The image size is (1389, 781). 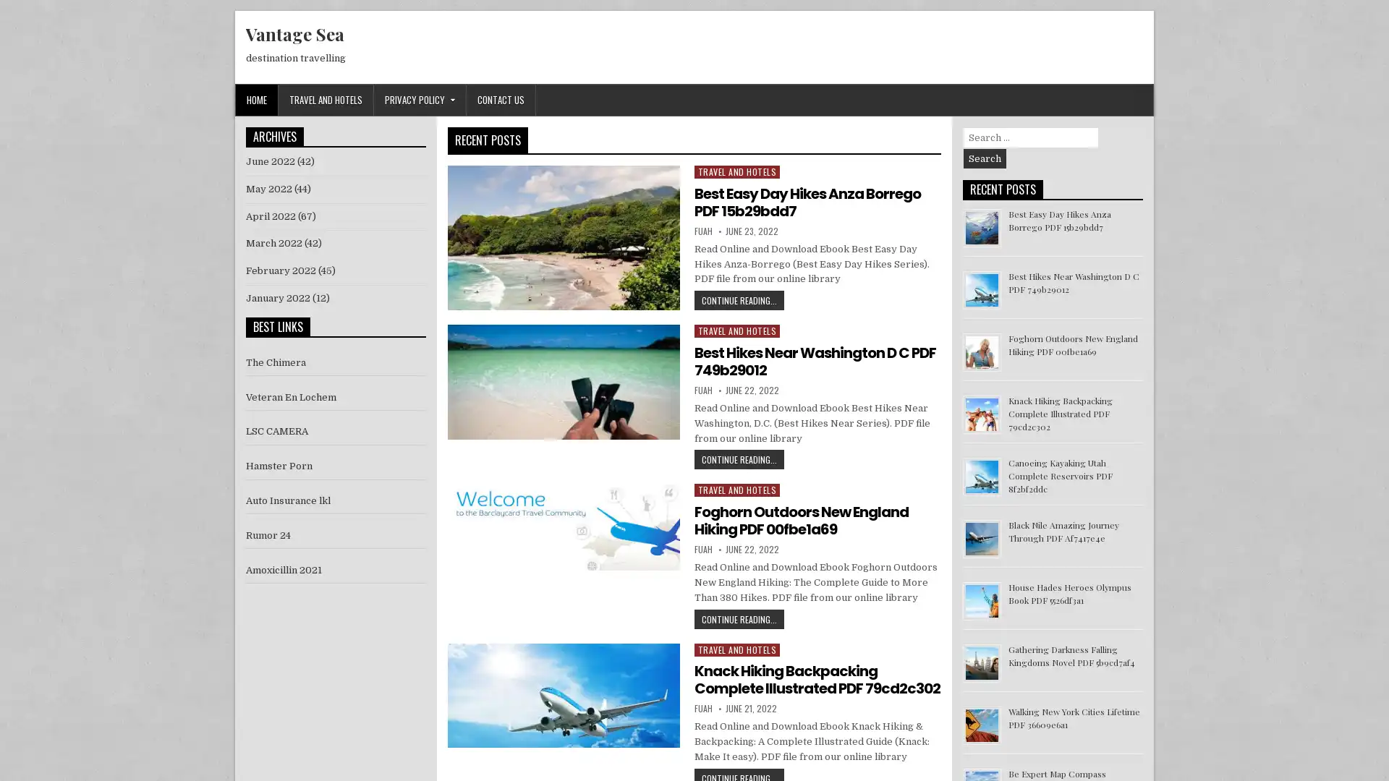 I want to click on Search, so click(x=984, y=158).